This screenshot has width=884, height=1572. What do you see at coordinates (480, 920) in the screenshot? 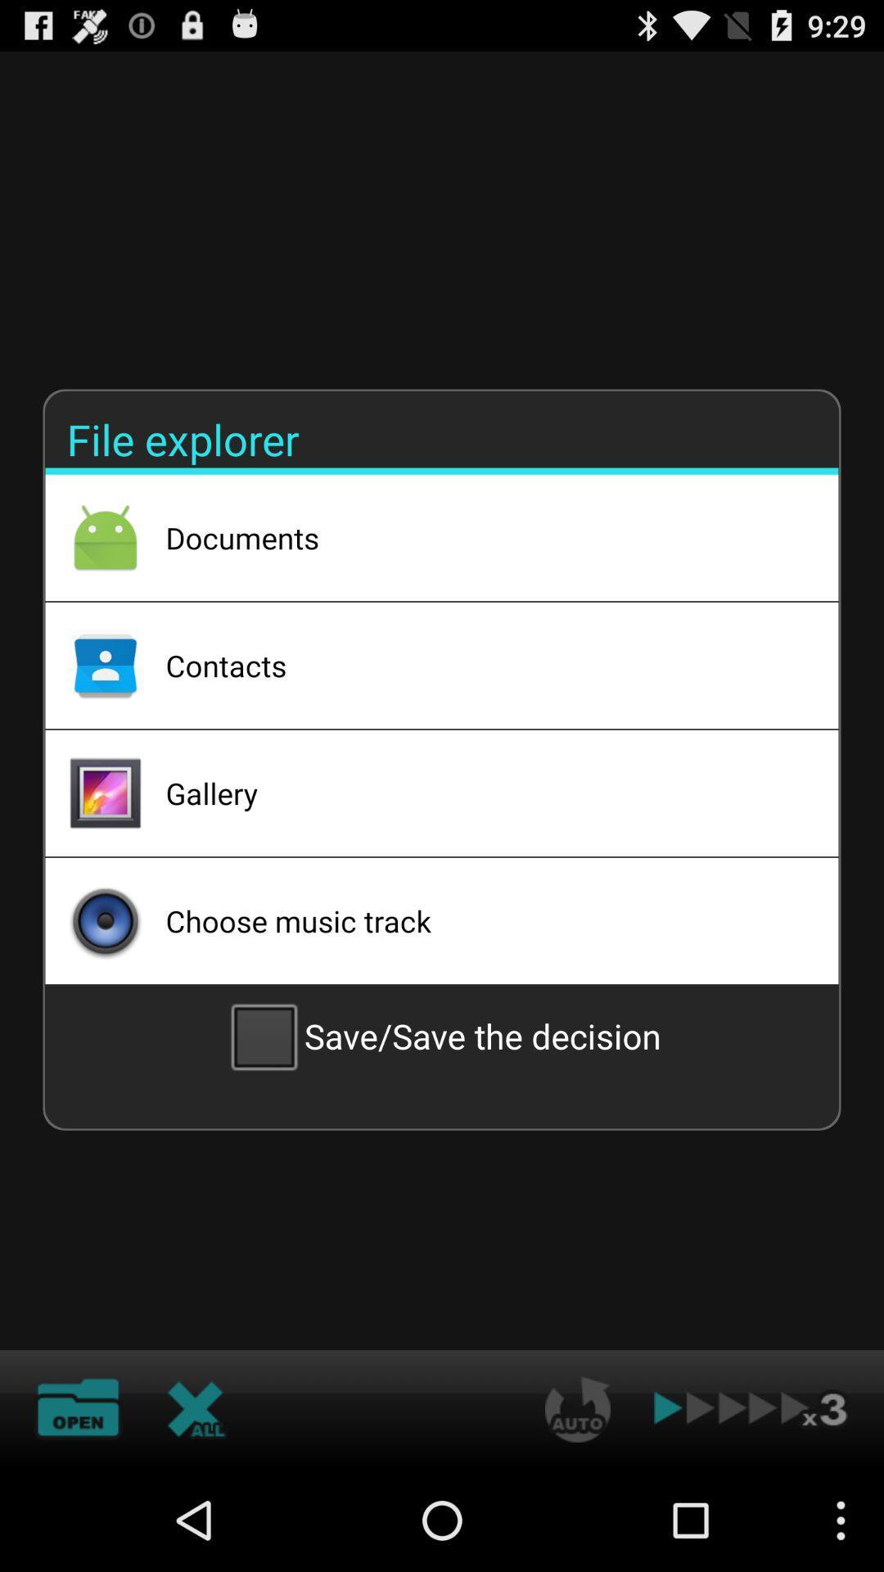
I see `app below the gallery icon` at bounding box center [480, 920].